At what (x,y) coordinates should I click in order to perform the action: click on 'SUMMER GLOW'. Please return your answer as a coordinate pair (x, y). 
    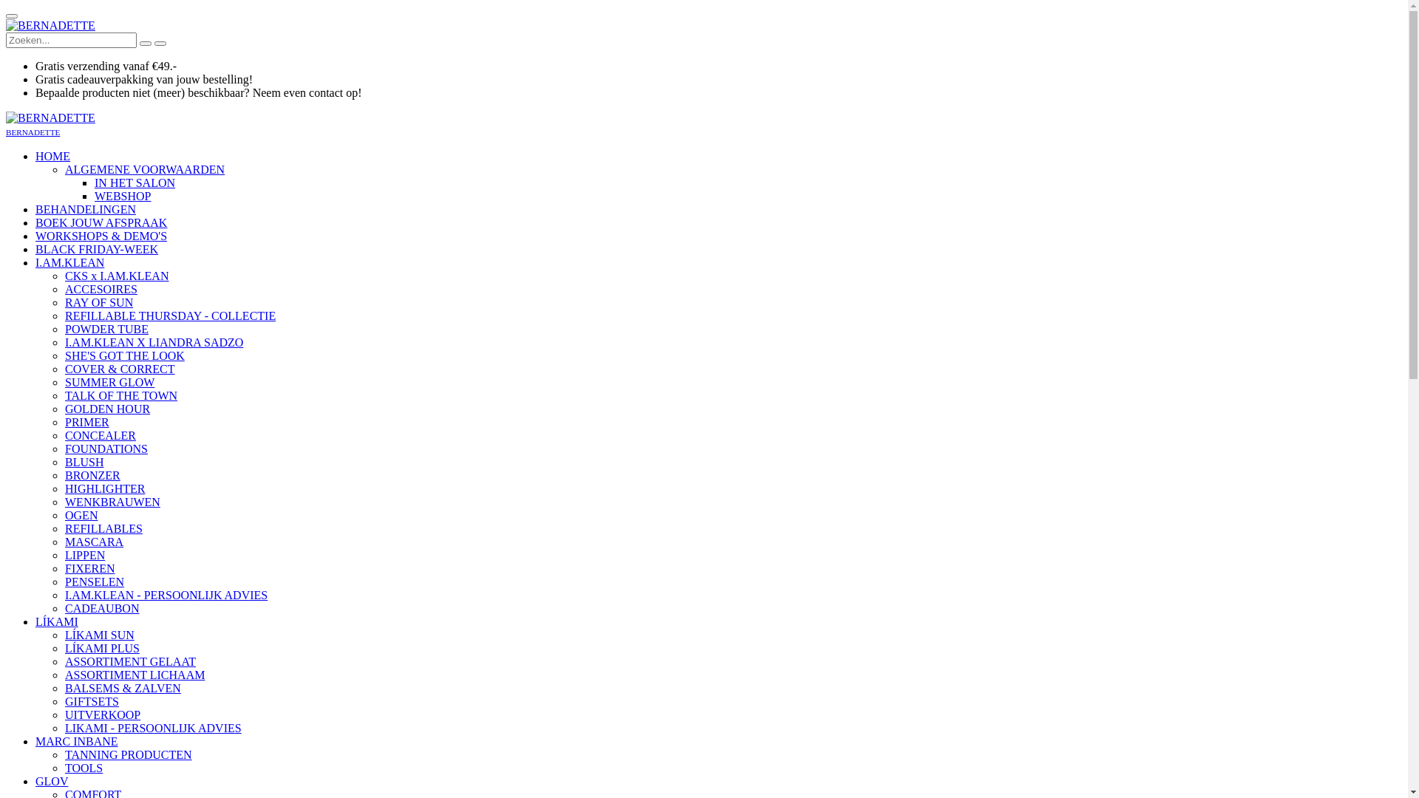
    Looking at the image, I should click on (109, 381).